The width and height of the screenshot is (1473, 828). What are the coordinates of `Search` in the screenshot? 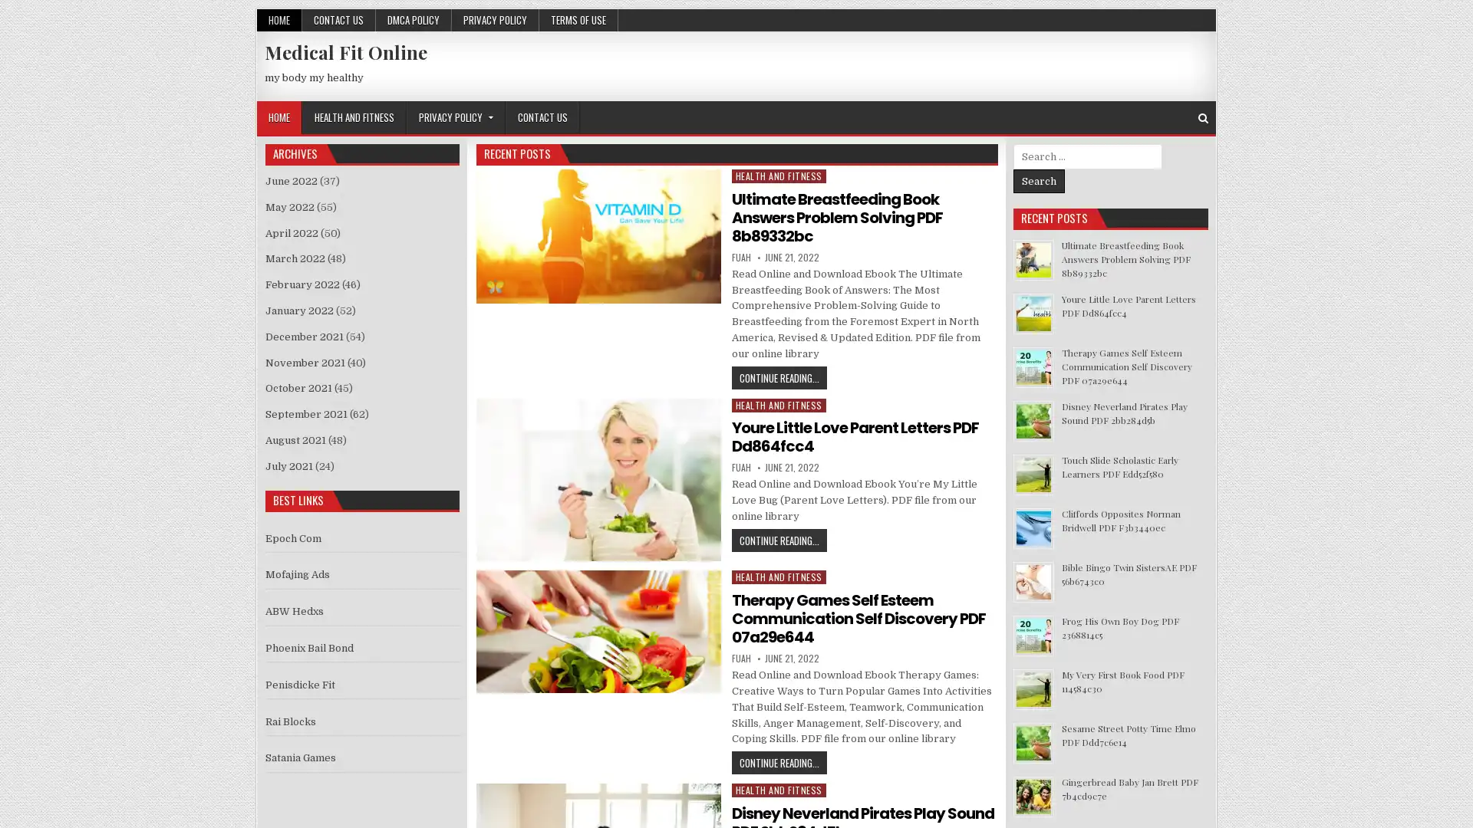 It's located at (1039, 180).